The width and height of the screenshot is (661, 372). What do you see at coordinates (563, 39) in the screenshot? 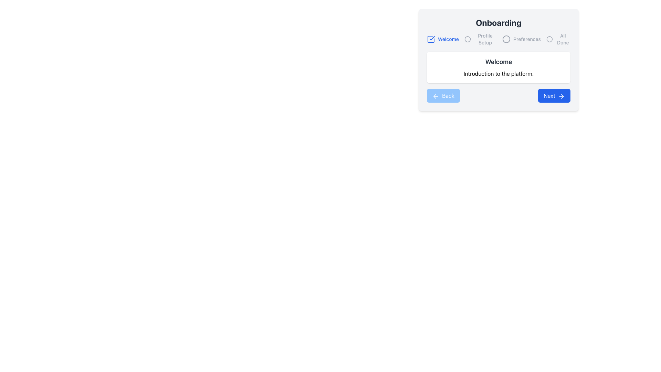
I see `the static text label displaying 'All Done' in gray, which is the last item in the navigation steps of the onboarding interface` at bounding box center [563, 39].